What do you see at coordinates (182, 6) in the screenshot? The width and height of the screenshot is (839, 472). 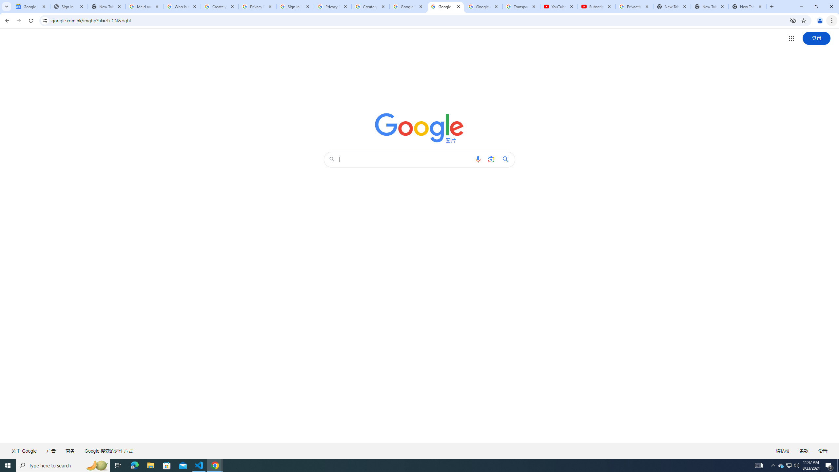 I see `'Who is my administrator? - Google Account Help'` at bounding box center [182, 6].